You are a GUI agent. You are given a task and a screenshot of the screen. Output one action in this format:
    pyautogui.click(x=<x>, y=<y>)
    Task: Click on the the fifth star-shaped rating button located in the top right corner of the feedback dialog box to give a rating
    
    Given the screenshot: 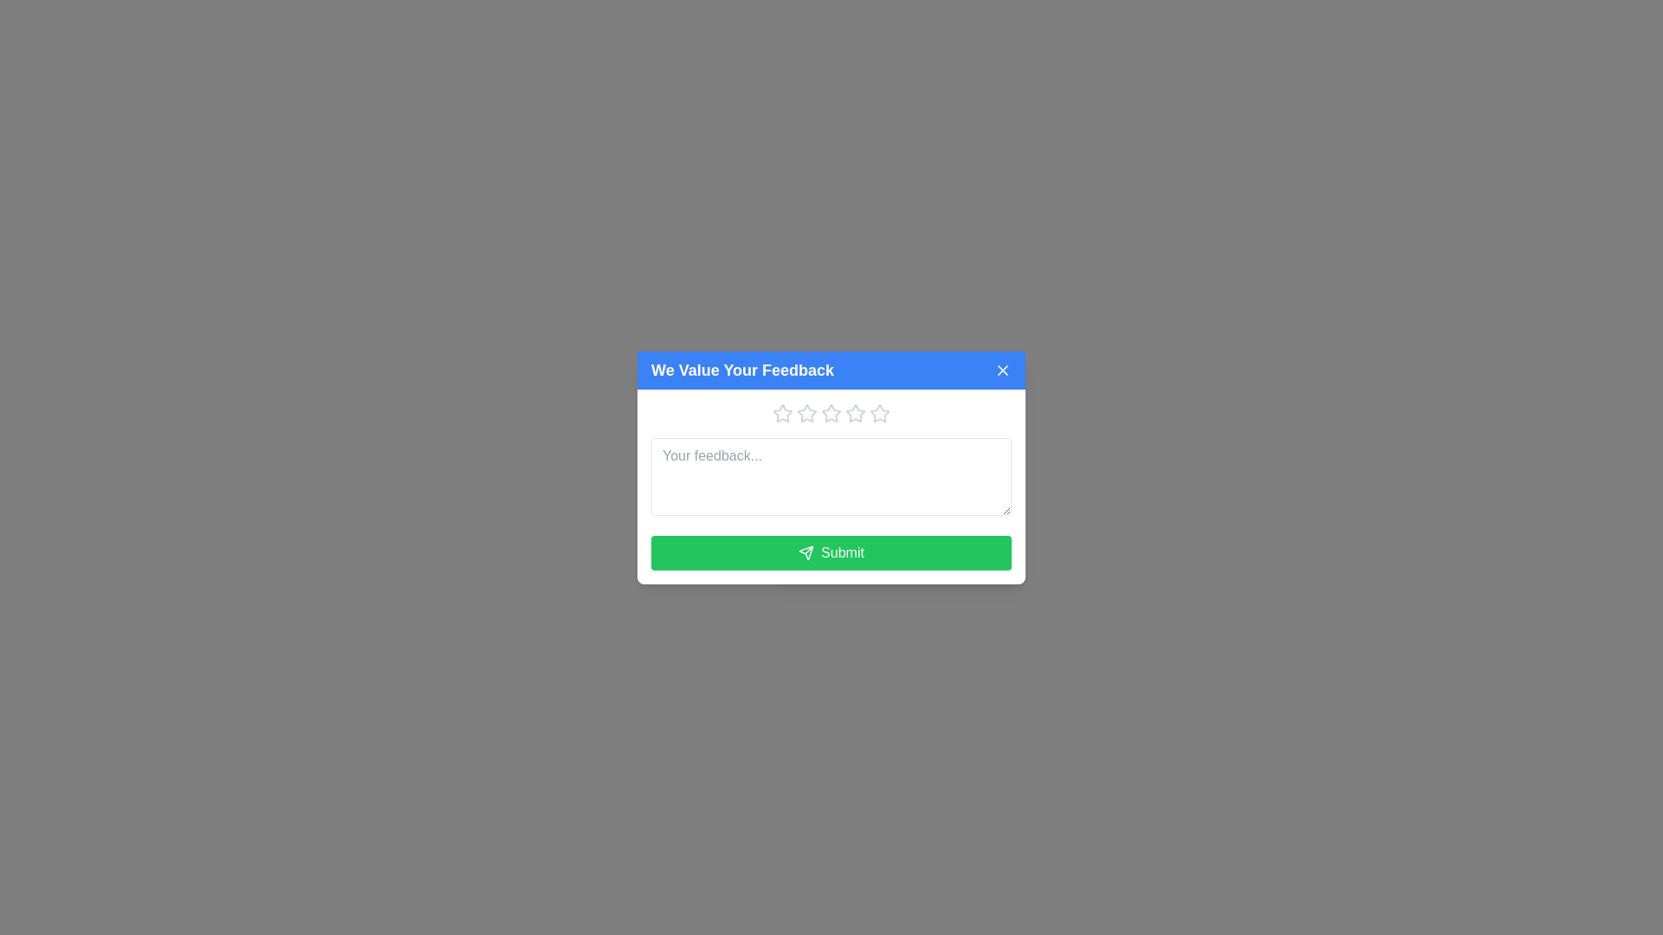 What is the action you would take?
    pyautogui.click(x=880, y=413)
    